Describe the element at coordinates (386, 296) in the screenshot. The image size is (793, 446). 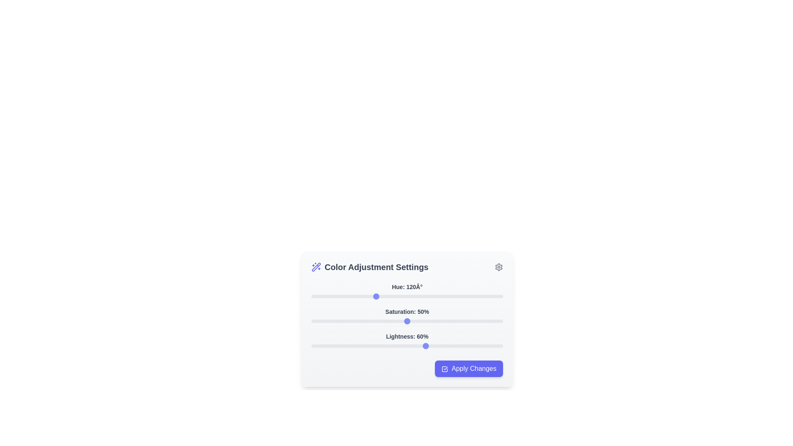
I see `hue` at that location.